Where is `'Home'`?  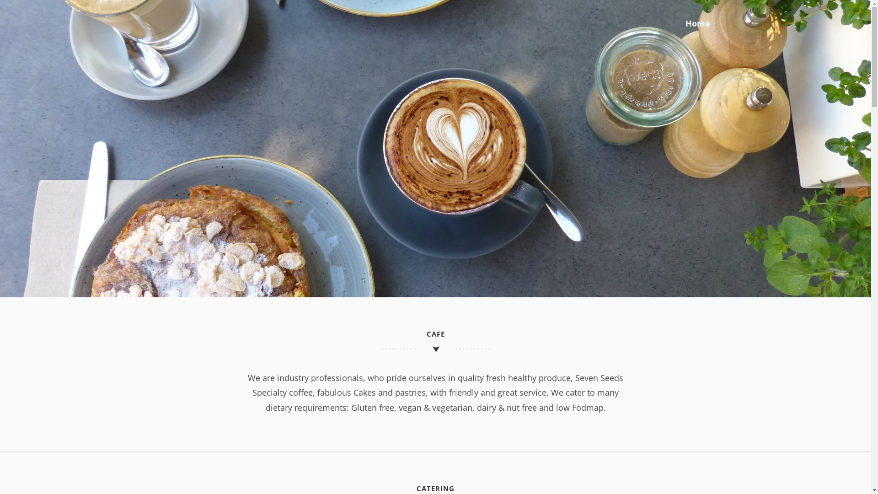
'Home' is located at coordinates (697, 22).